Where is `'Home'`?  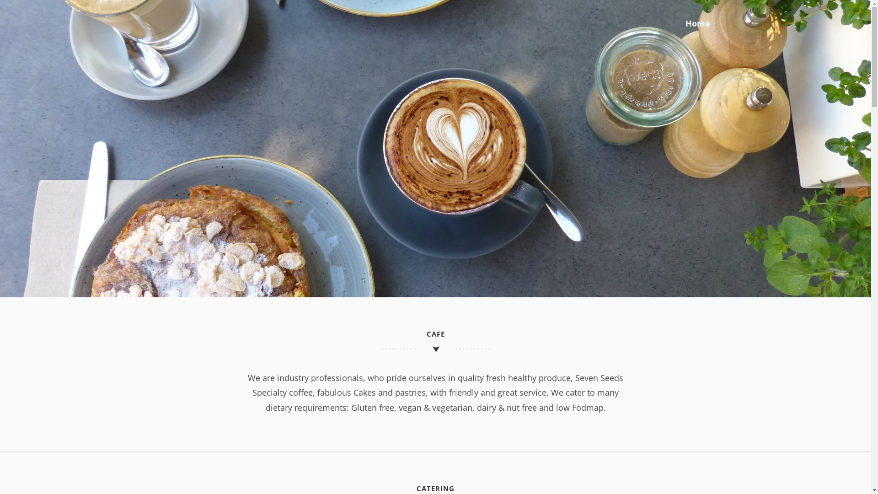
'Home' is located at coordinates (697, 22).